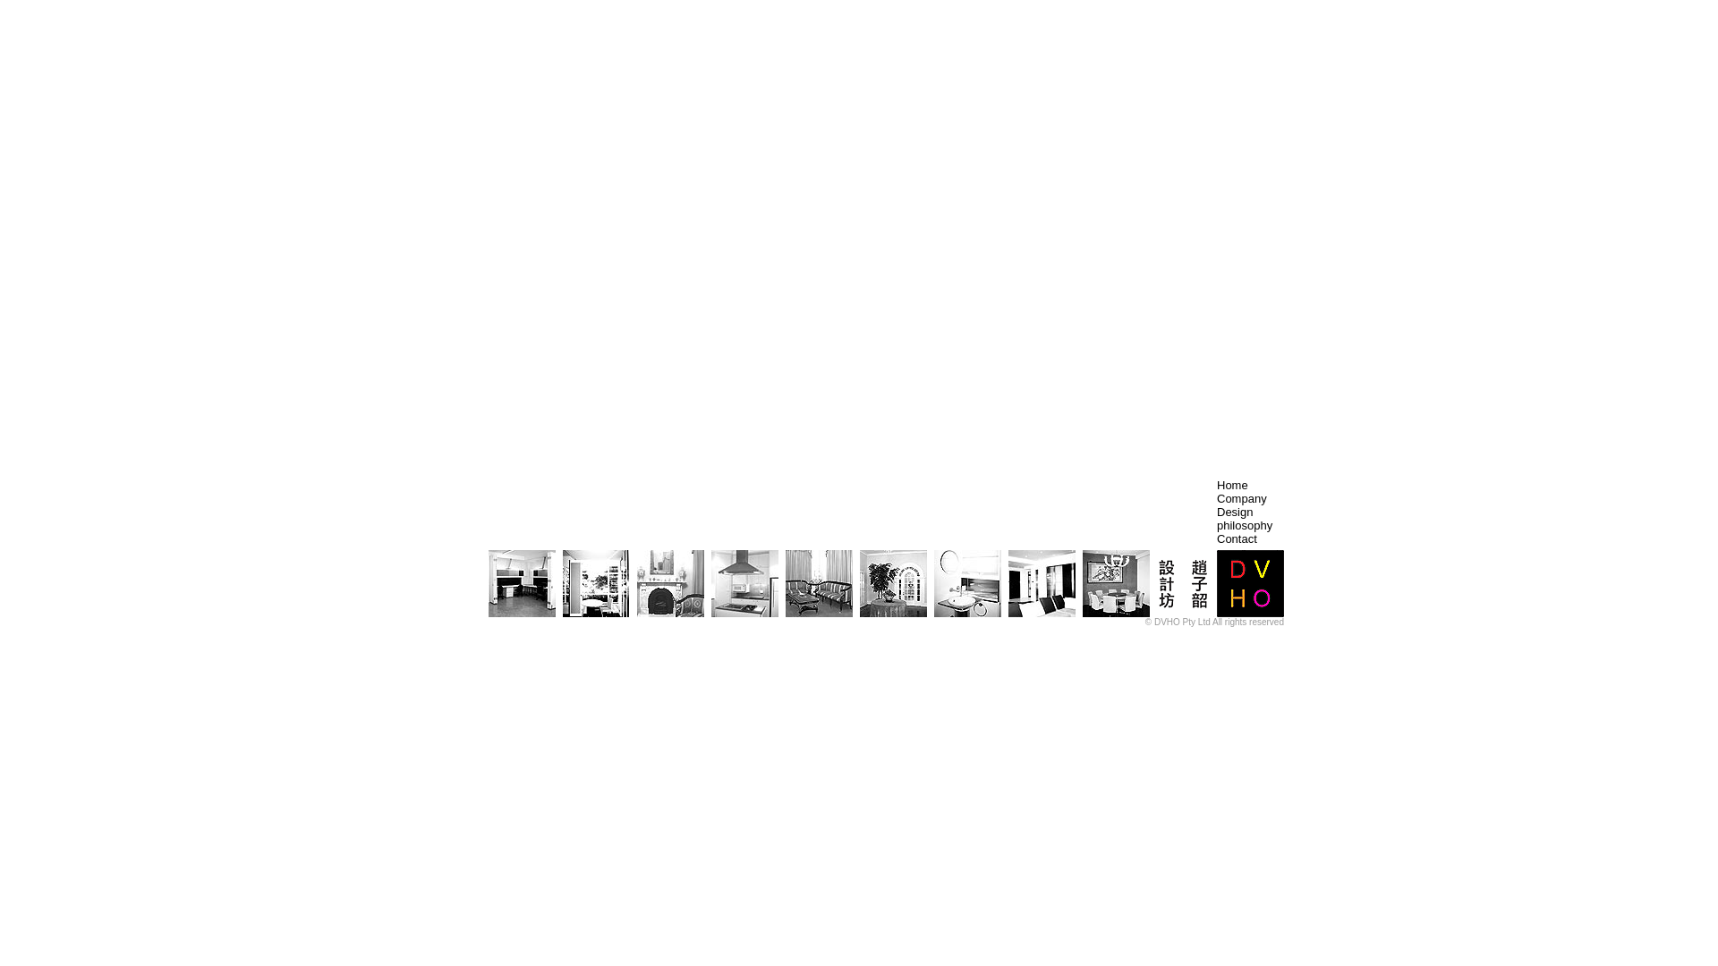  Describe the element at coordinates (1240, 498) in the screenshot. I see `'Company'` at that location.